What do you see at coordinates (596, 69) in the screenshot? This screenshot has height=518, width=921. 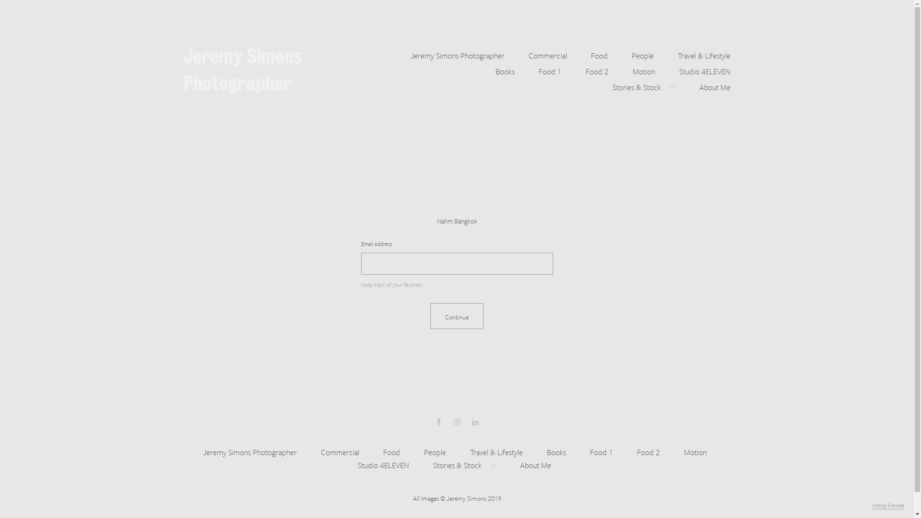 I see `'Food 2'` at bounding box center [596, 69].